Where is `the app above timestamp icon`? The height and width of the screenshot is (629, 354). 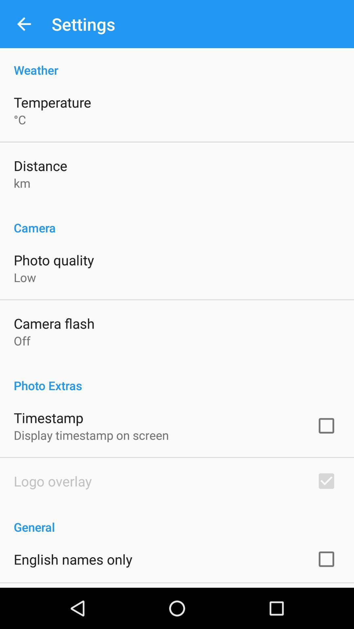 the app above timestamp icon is located at coordinates (177, 378).